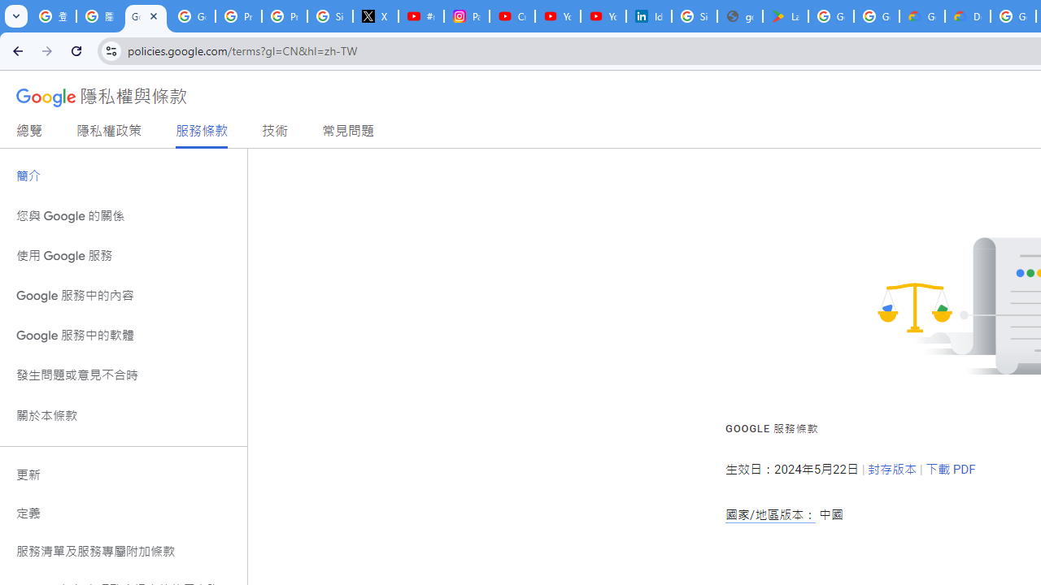 This screenshot has width=1041, height=585. Describe the element at coordinates (694, 16) in the screenshot. I see `'Sign in - Google Accounts'` at that location.